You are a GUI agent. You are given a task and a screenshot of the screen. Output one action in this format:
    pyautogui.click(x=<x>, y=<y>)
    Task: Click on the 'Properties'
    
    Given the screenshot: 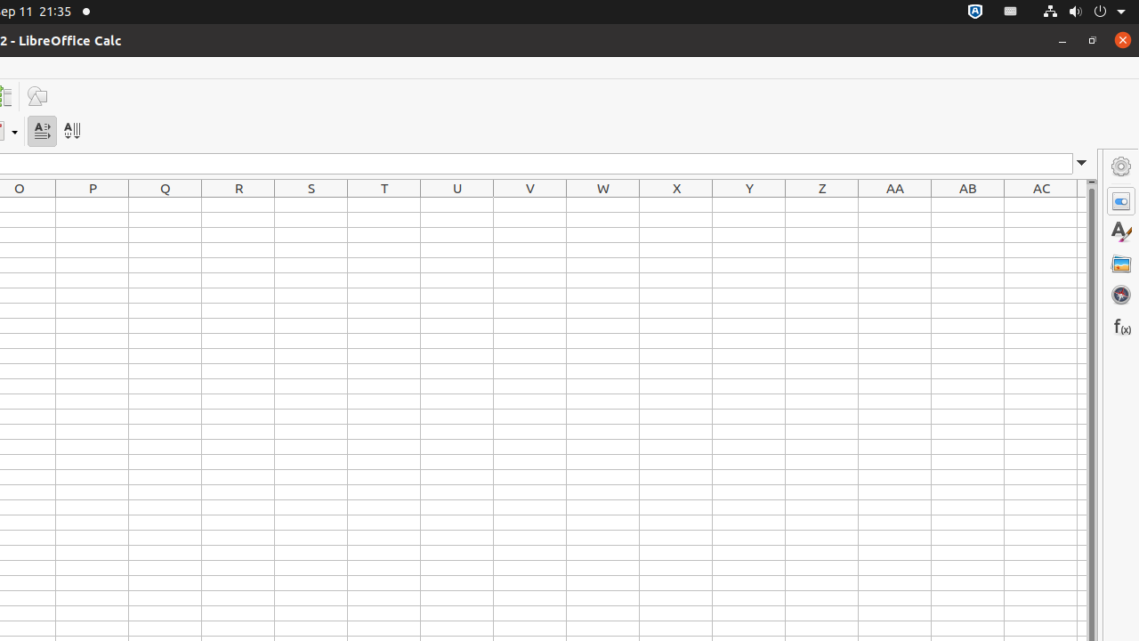 What is the action you would take?
    pyautogui.click(x=1120, y=200)
    